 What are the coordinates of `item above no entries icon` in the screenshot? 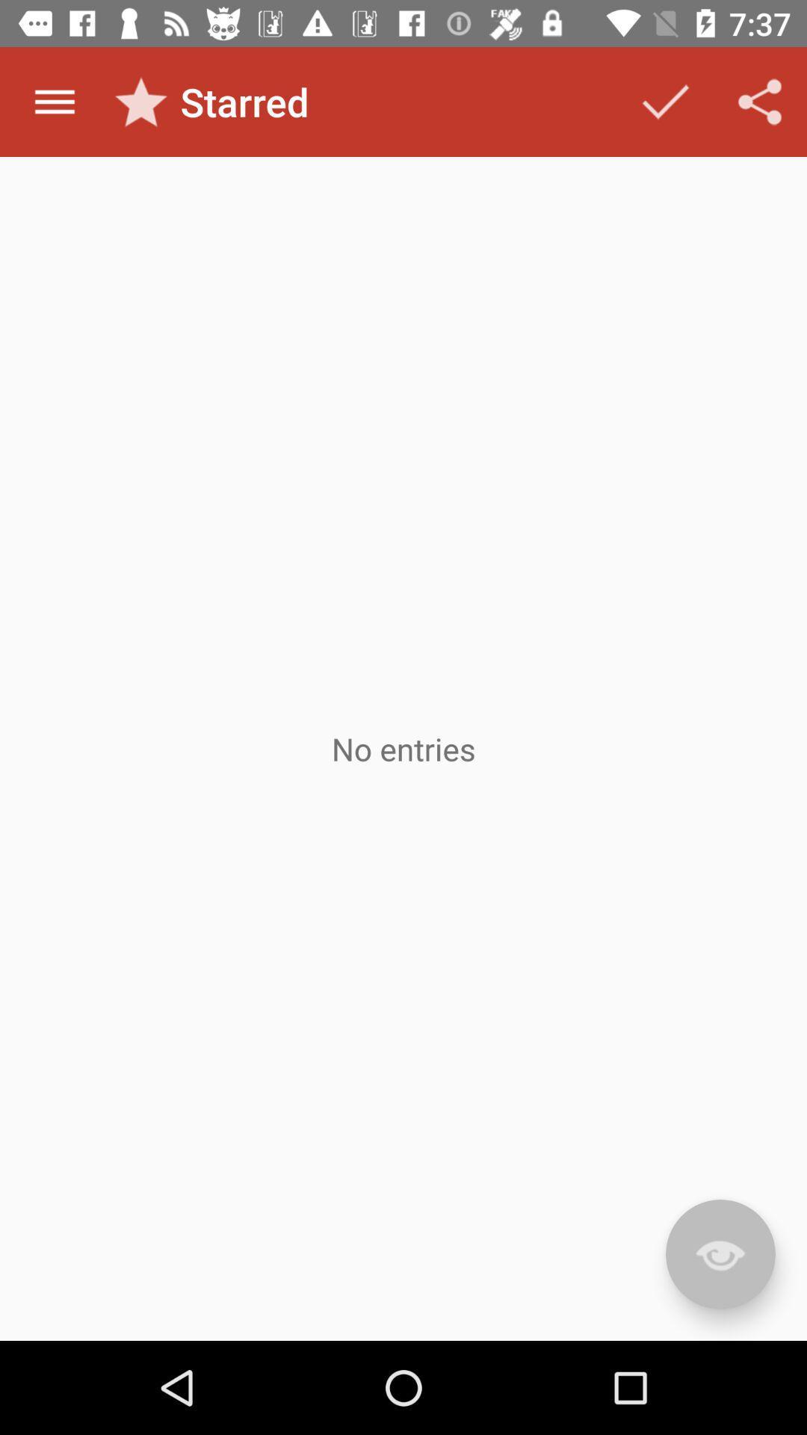 It's located at (760, 101).